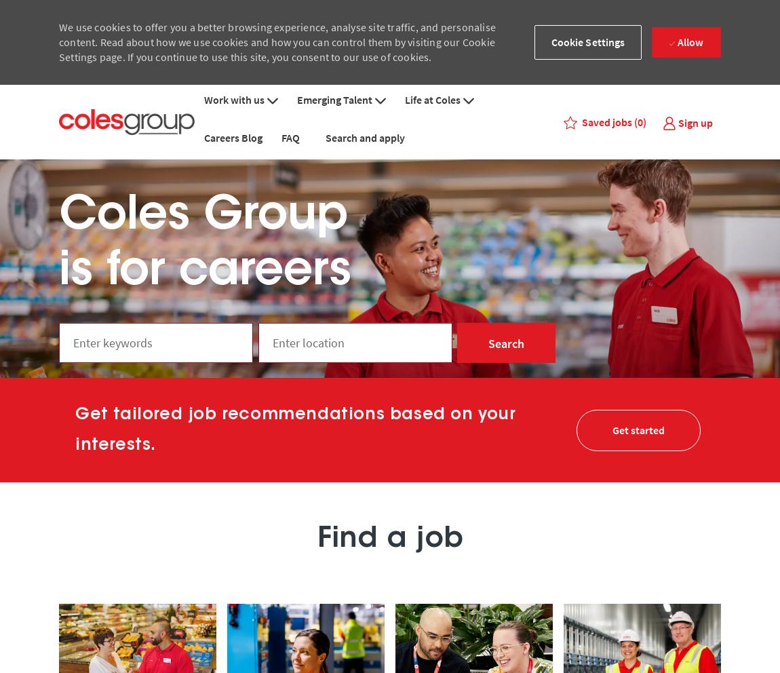 The height and width of the screenshot is (673, 780). What do you see at coordinates (334, 100) in the screenshot?
I see `'Emerging Talent'` at bounding box center [334, 100].